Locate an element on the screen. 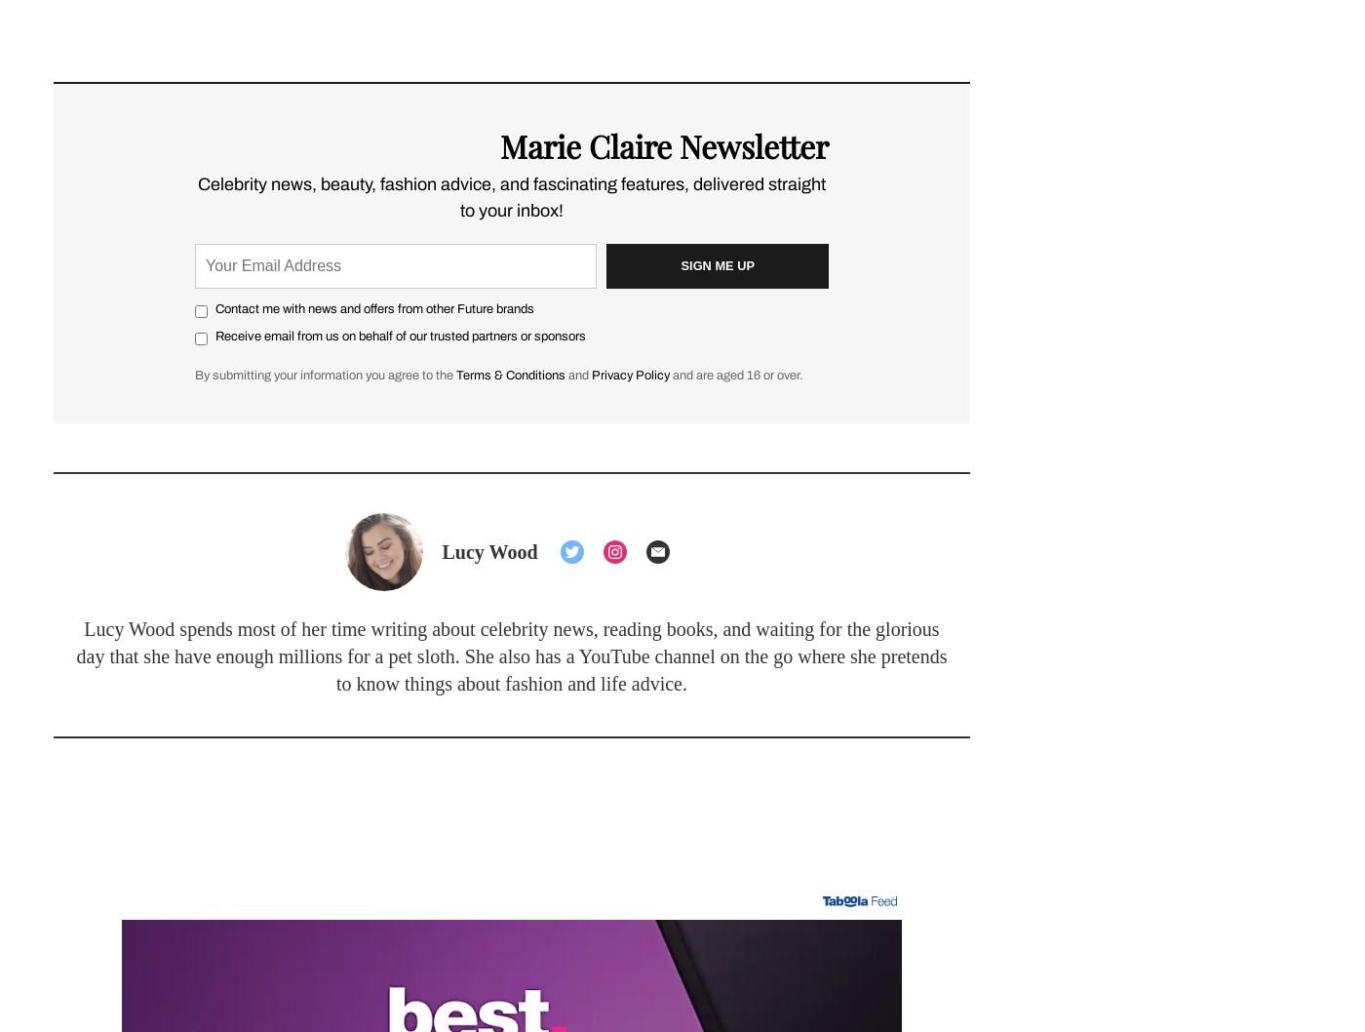 The width and height of the screenshot is (1365, 1032). 'and' is located at coordinates (578, 374).